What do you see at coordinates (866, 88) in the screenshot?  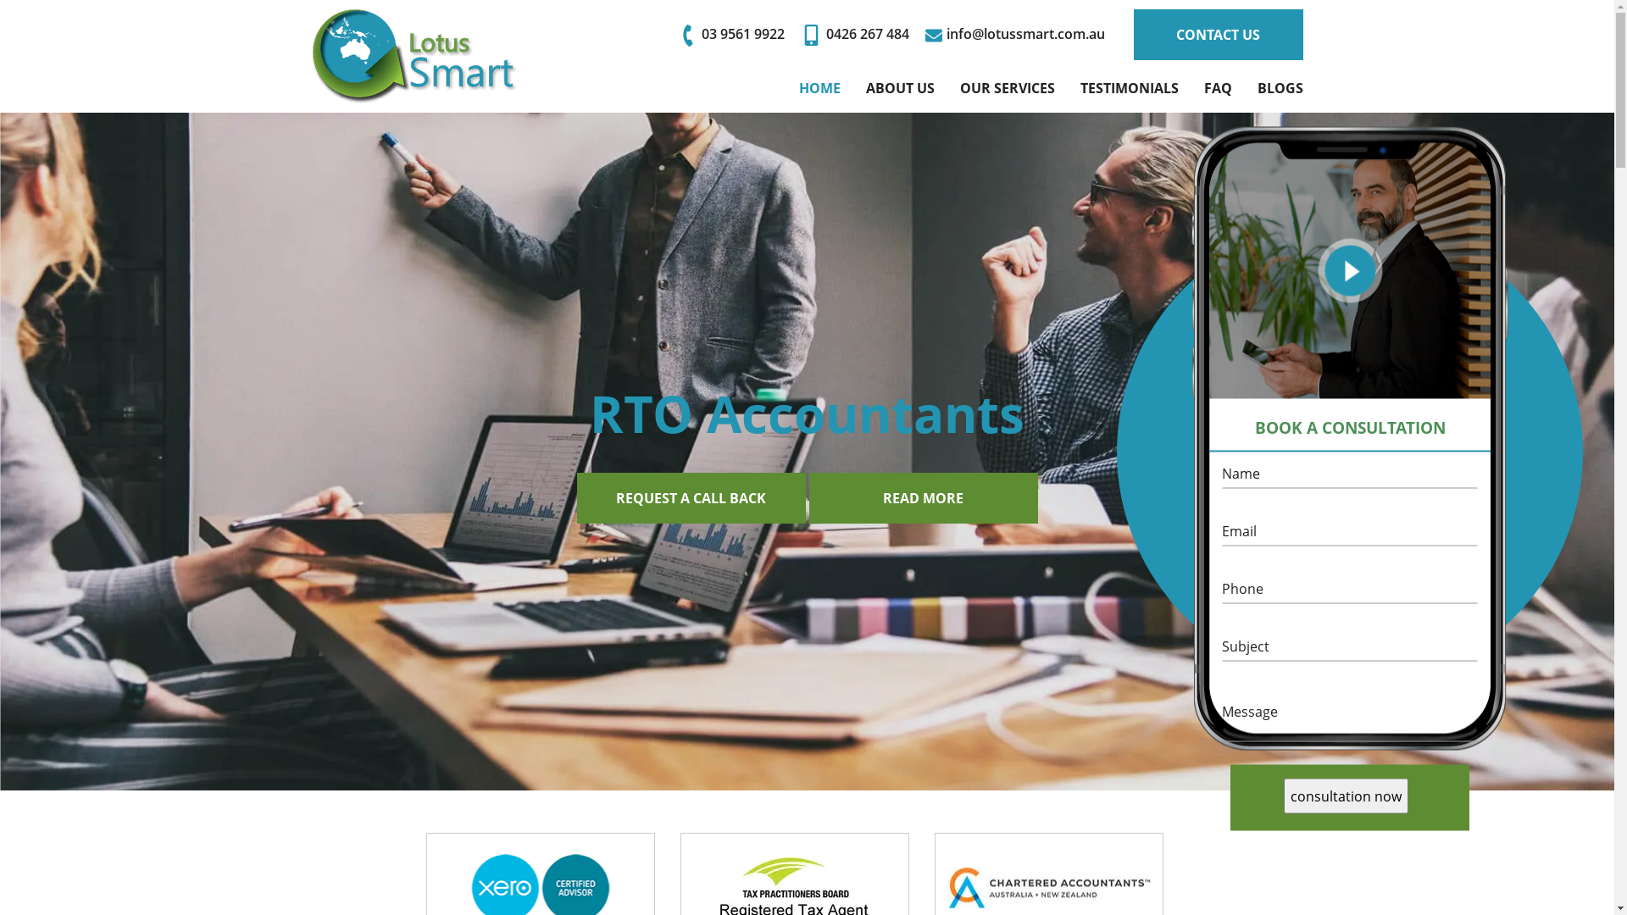 I see `'ABOUT US'` at bounding box center [866, 88].